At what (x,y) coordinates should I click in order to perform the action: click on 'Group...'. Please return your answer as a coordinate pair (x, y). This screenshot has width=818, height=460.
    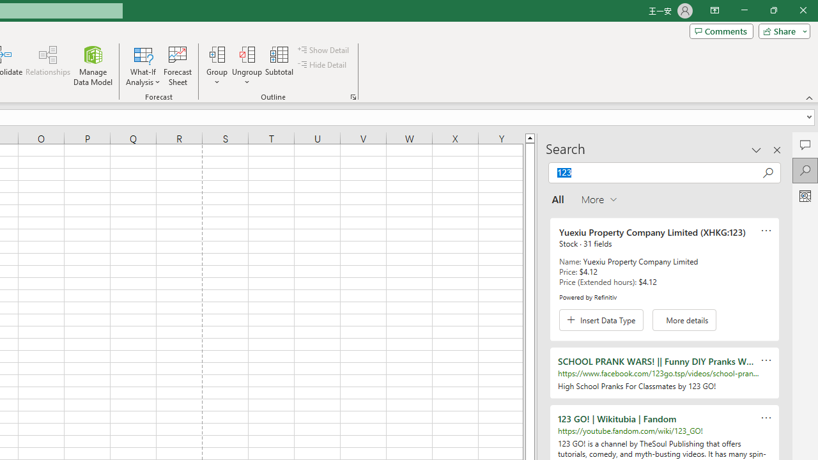
    Looking at the image, I should click on (217, 54).